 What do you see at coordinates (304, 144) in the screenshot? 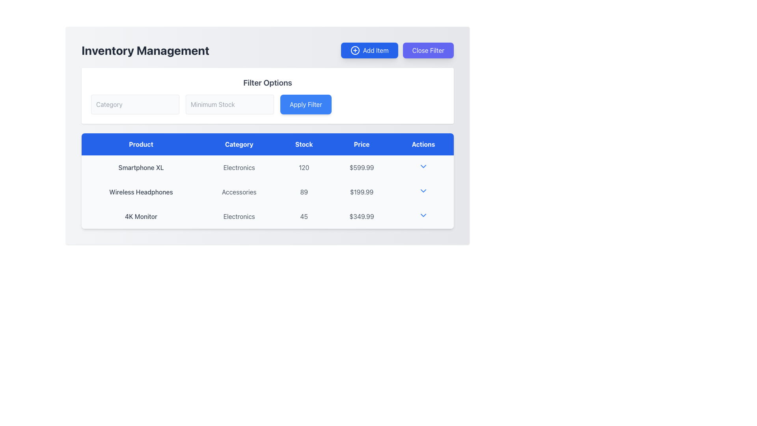
I see `the 'Stock' column header in the table, which is located in the third column between 'Category' and 'Price'` at bounding box center [304, 144].